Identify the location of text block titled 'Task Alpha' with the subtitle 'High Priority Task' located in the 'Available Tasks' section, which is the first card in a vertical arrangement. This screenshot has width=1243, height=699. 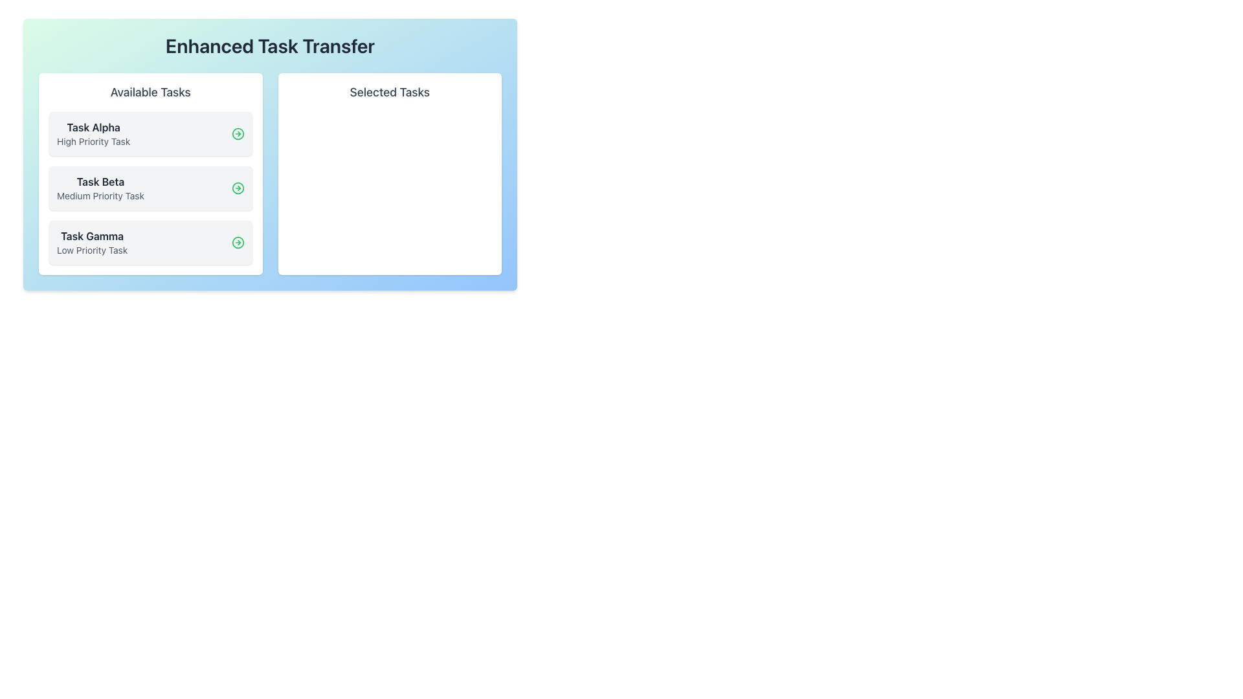
(93, 134).